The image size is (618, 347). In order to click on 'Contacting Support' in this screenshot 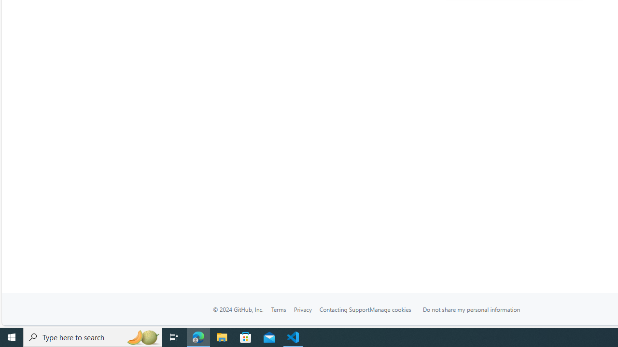, I will do `click(344, 309)`.